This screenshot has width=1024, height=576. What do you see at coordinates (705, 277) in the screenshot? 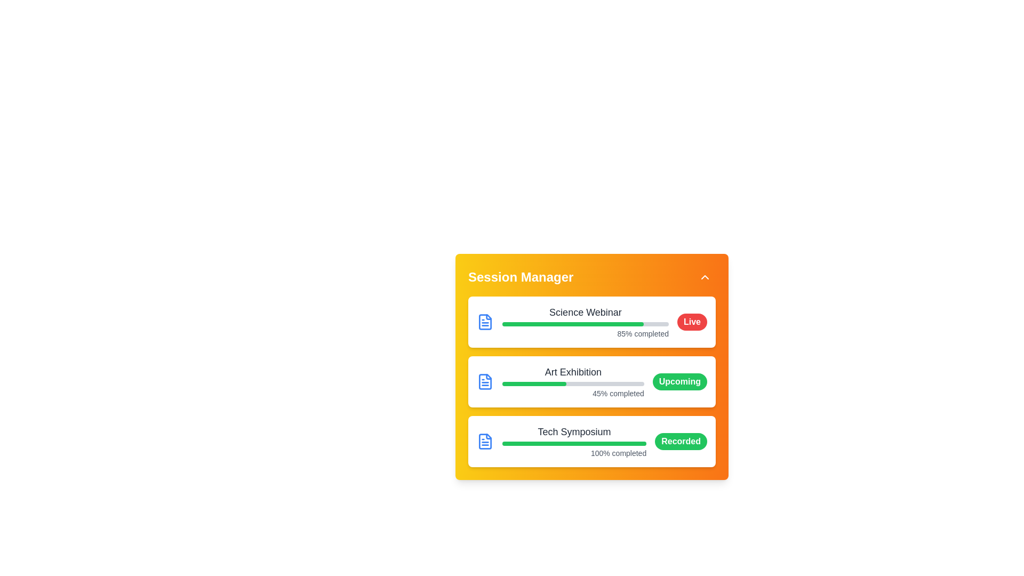
I see `the button that toggles the 'Session Manager' panel visibility, located at the top-right corner of the 'Session Manager' section` at bounding box center [705, 277].